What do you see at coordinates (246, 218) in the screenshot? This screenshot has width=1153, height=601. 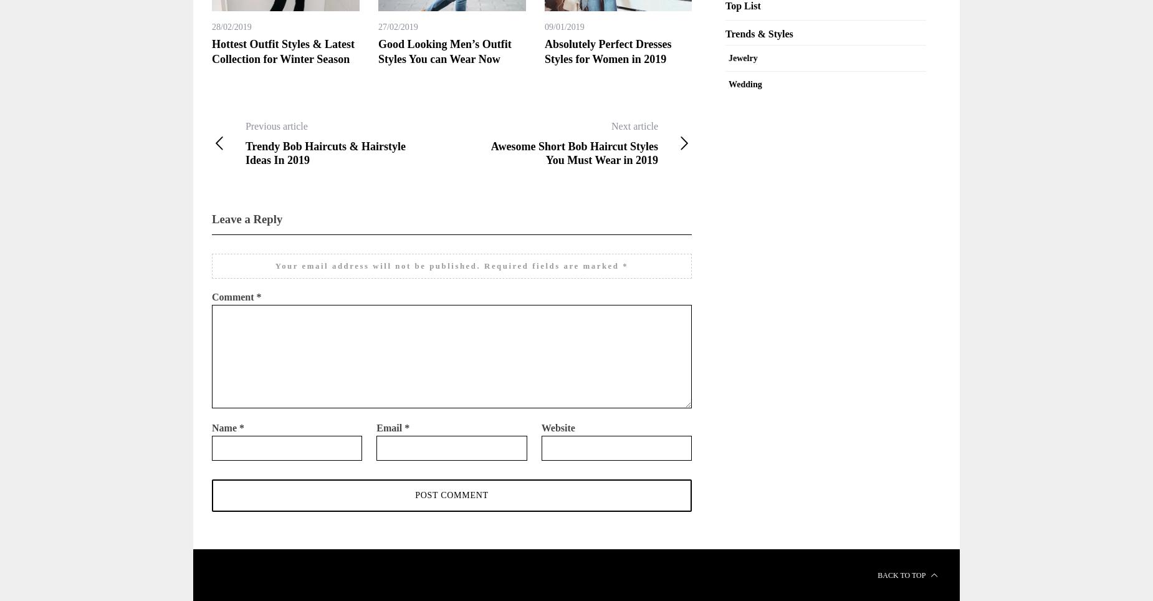 I see `'Leave a Reply'` at bounding box center [246, 218].